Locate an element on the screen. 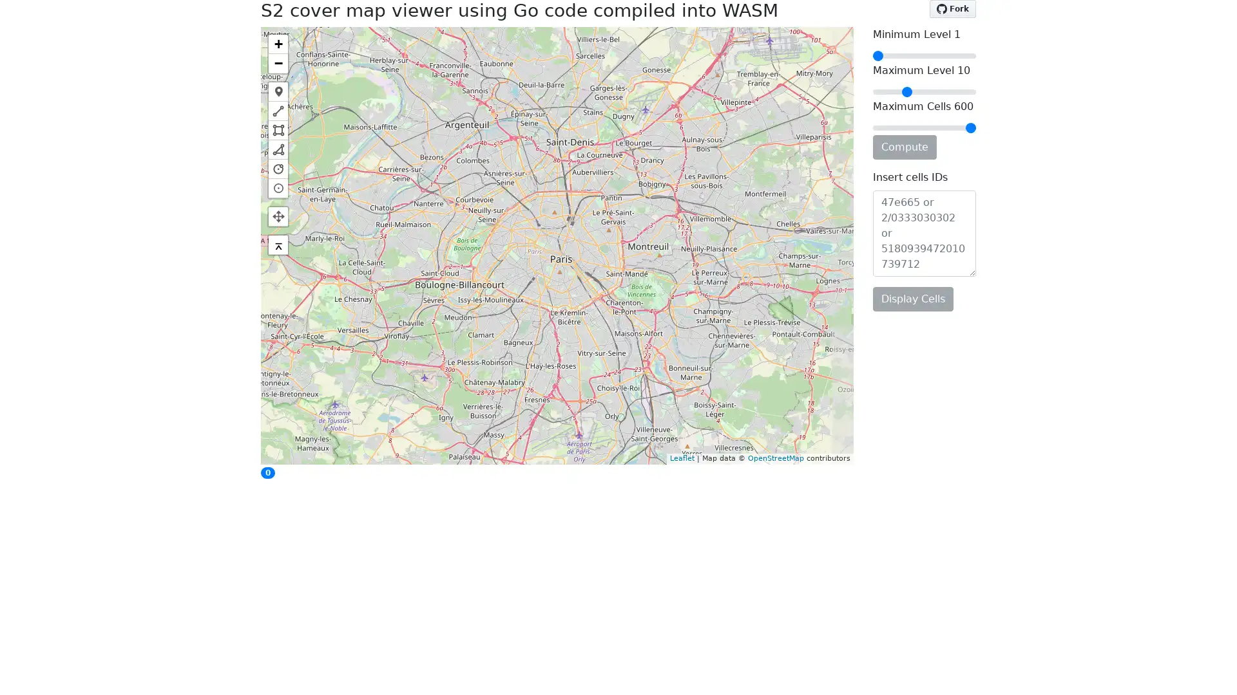 This screenshot has width=1237, height=695. Zoom in is located at coordinates (278, 43).